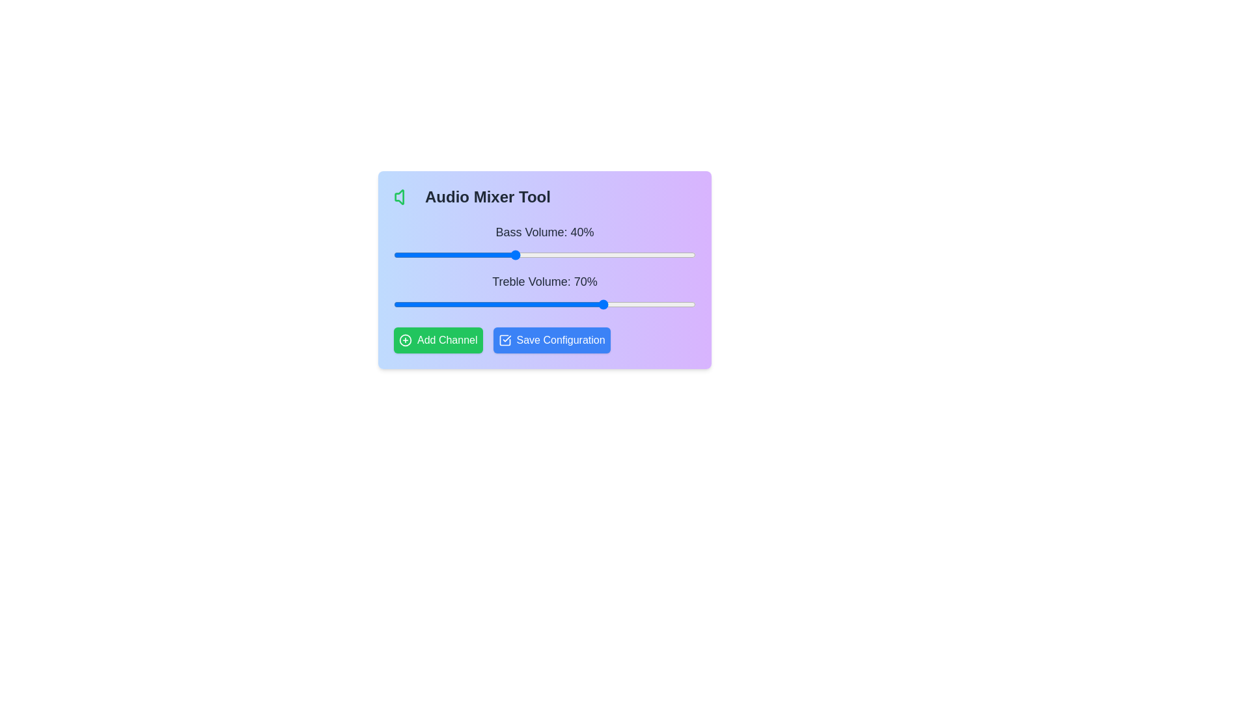 The height and width of the screenshot is (703, 1250). I want to click on the save button in the Audio Mixer Tool interface, so click(544, 340).